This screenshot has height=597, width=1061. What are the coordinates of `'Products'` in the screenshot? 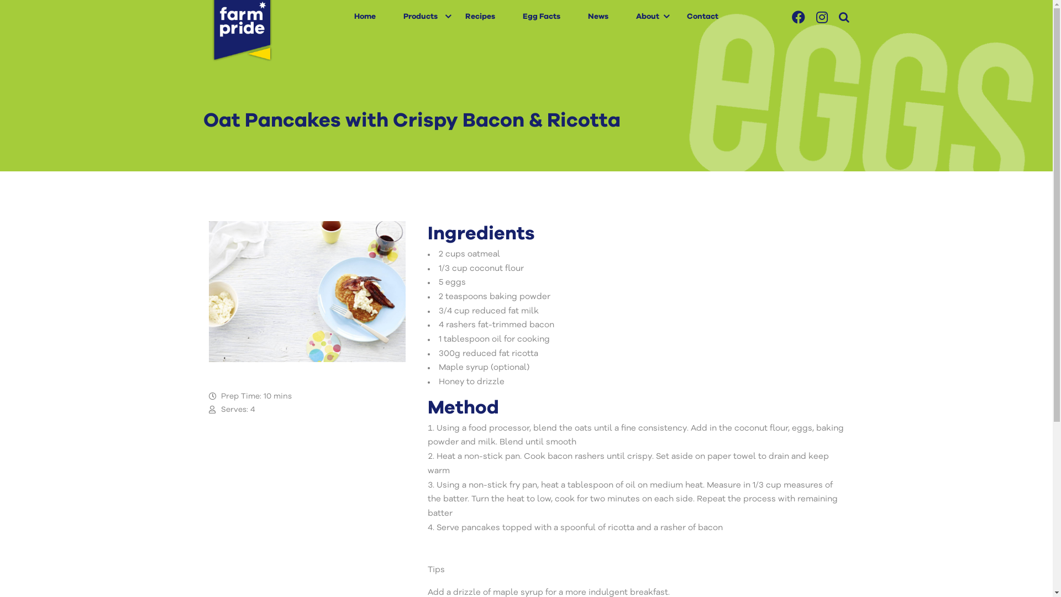 It's located at (420, 17).